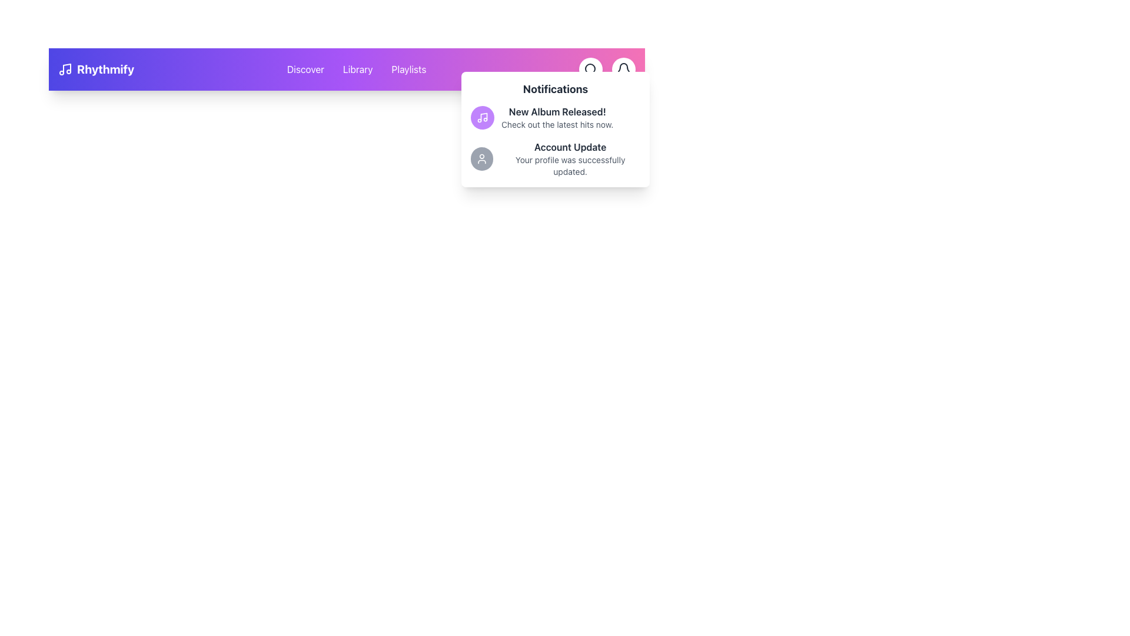  What do you see at coordinates (408, 69) in the screenshot?
I see `the third hyperlink in the horizontal navigation menu` at bounding box center [408, 69].